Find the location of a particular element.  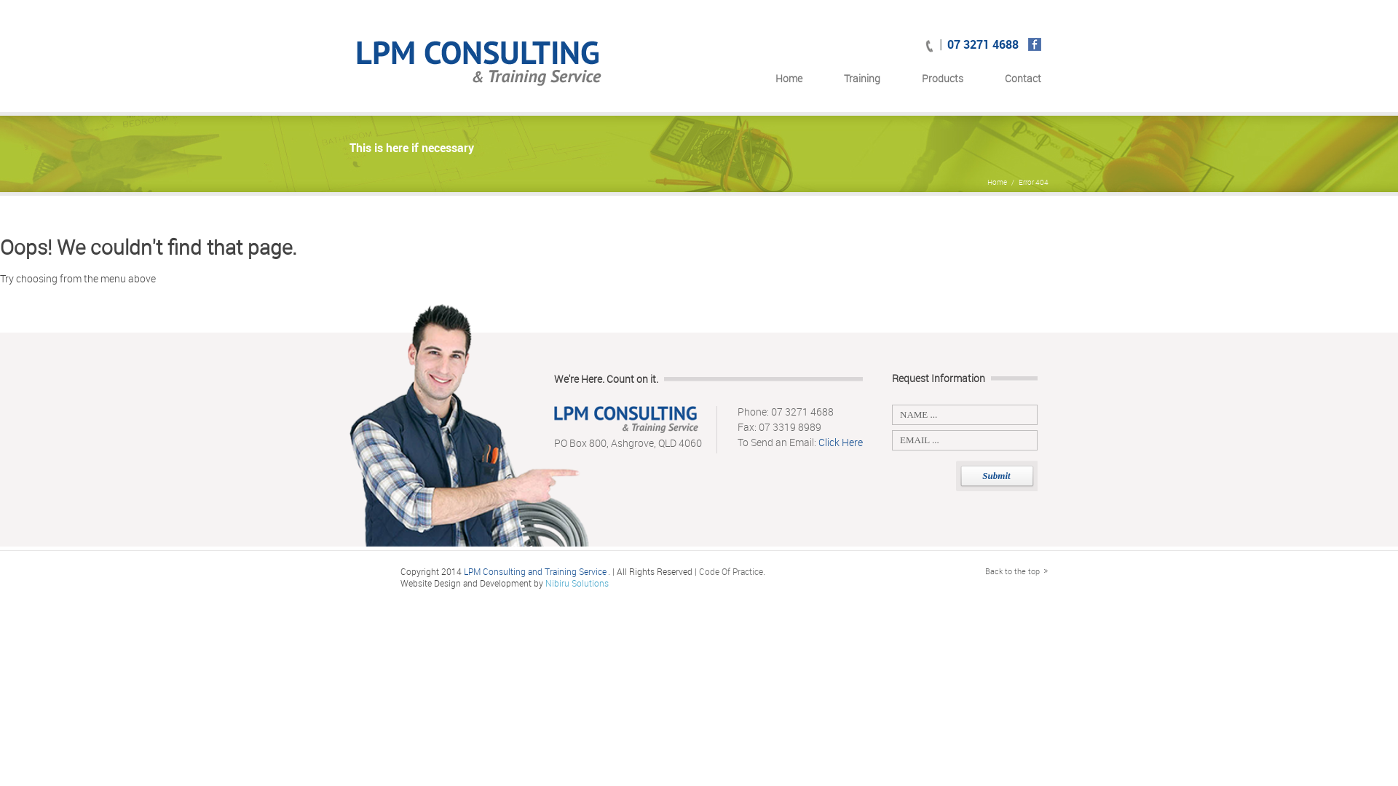

'Click Here' is located at coordinates (840, 441).